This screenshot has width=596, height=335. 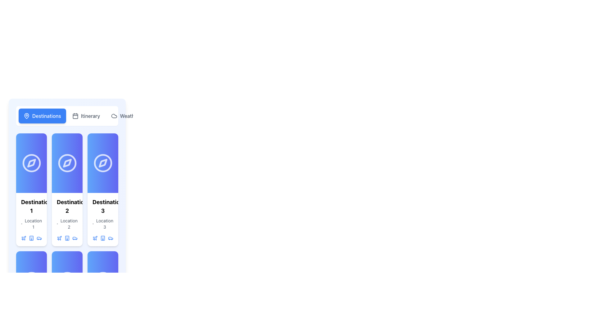 What do you see at coordinates (75, 116) in the screenshot?
I see `the calendar icon located in the top center portion of the interface, which is immediately to the left of the 'Itinerary' label` at bounding box center [75, 116].